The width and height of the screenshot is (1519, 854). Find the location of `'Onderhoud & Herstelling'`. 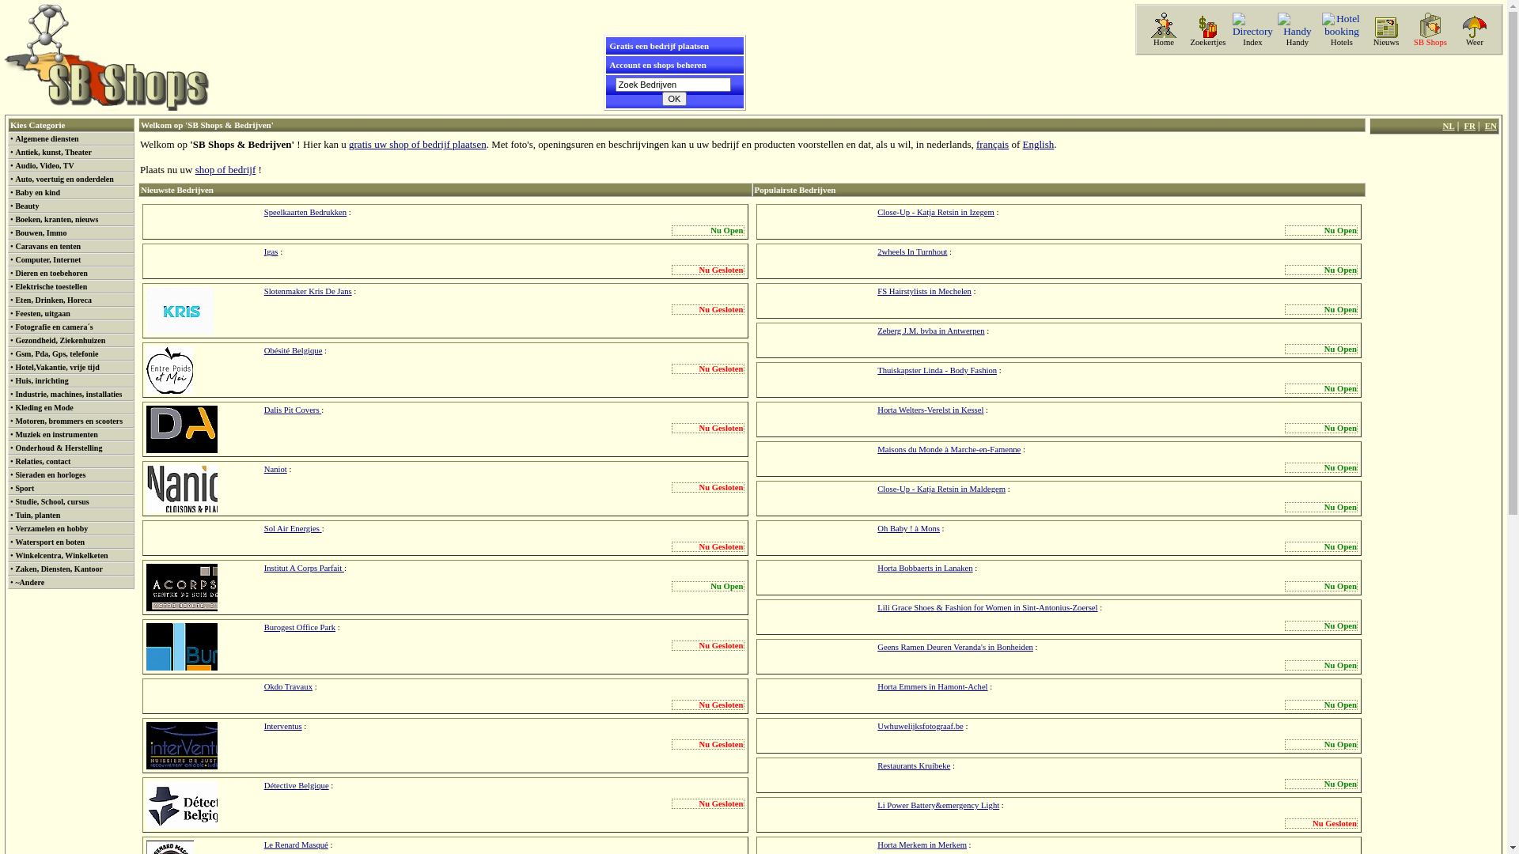

'Onderhoud & Herstelling' is located at coordinates (15, 448).